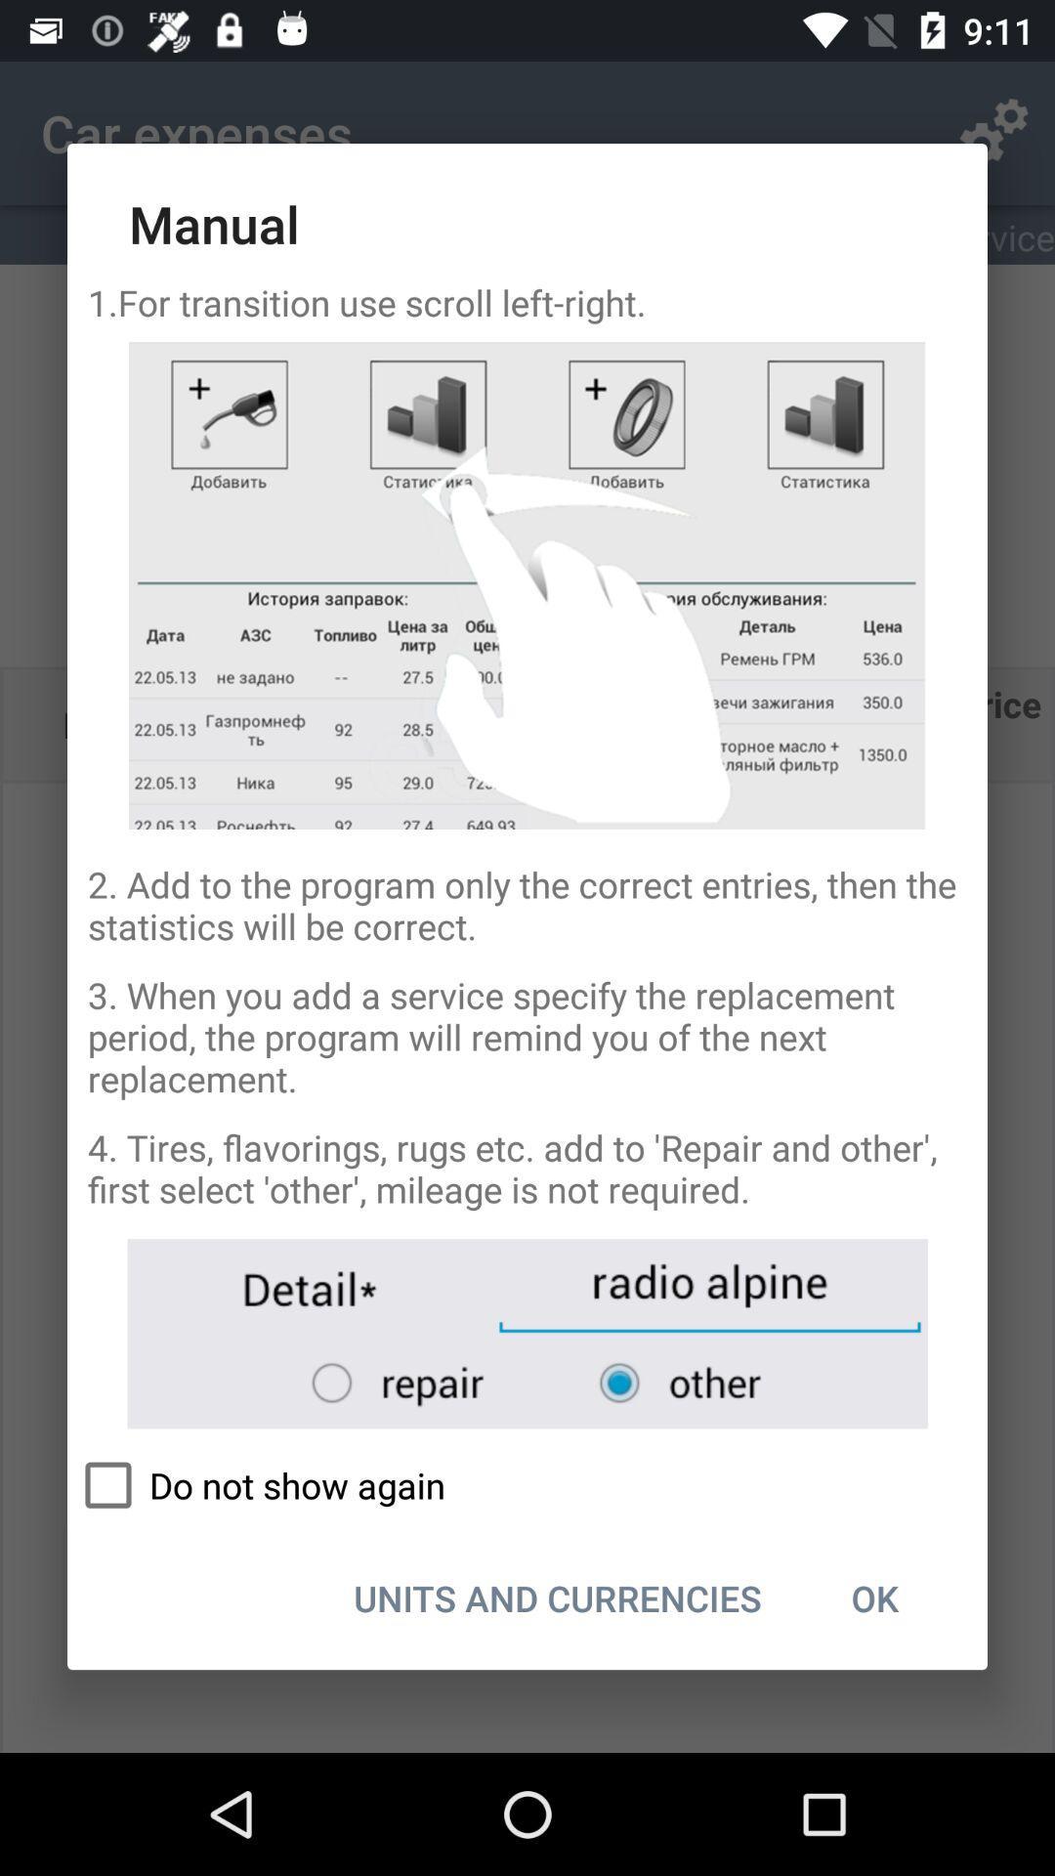  I want to click on the icon to the left of ok icon, so click(558, 1598).